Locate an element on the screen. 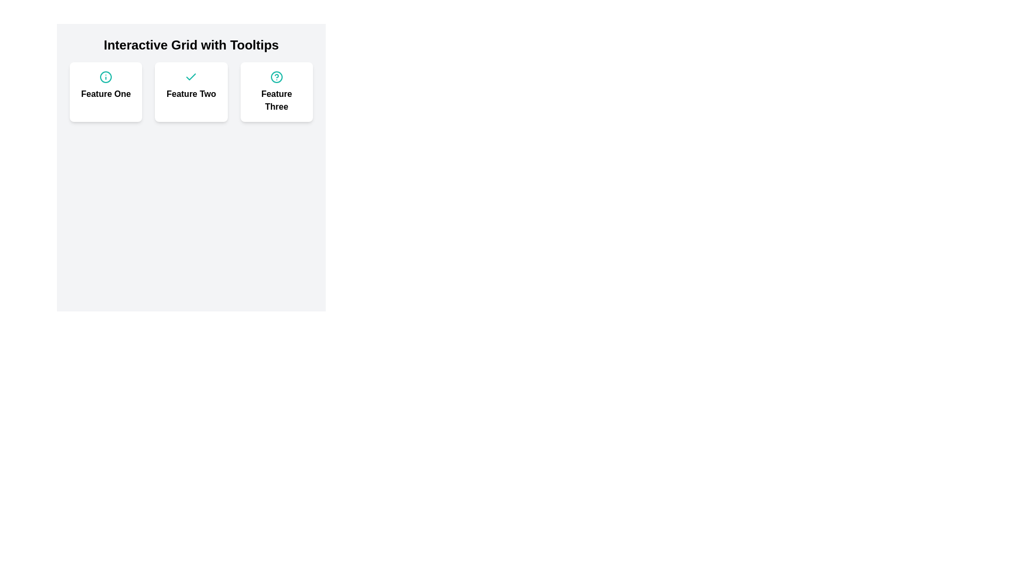  the static text label that displays the title or name of the associated feature located in the leftmost card of three horizontally structured cards is located at coordinates (106, 94).